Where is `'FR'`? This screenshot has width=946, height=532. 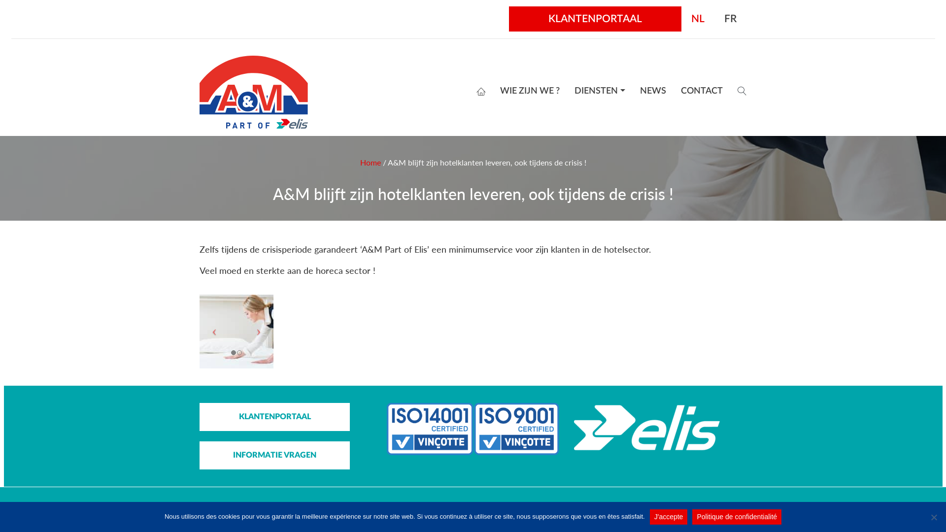
'FR' is located at coordinates (730, 19).